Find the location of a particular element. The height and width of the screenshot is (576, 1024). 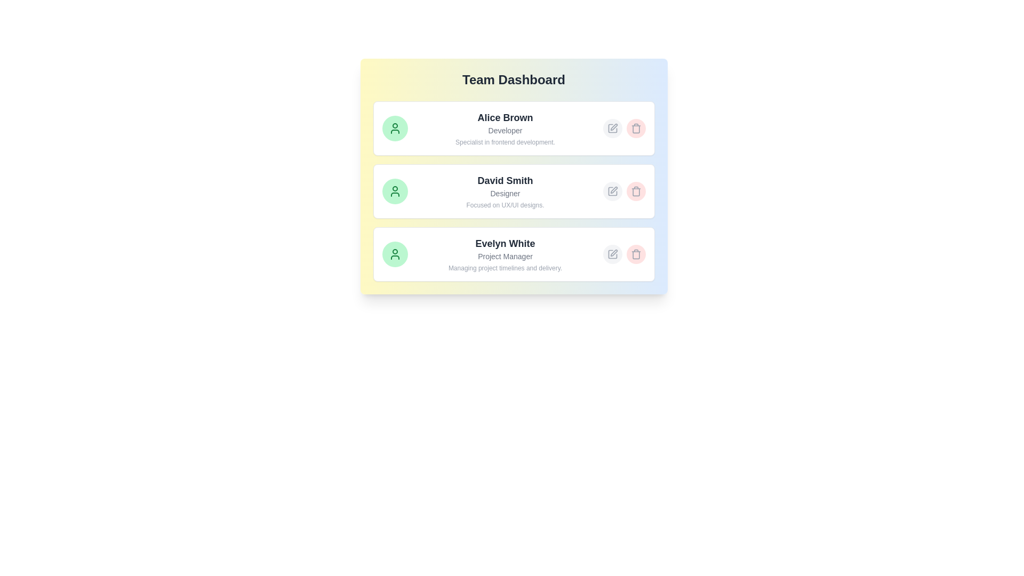

the edit button icon located on the first row of the team dashboard list for the 'Alice Brown' profile is located at coordinates (612, 127).